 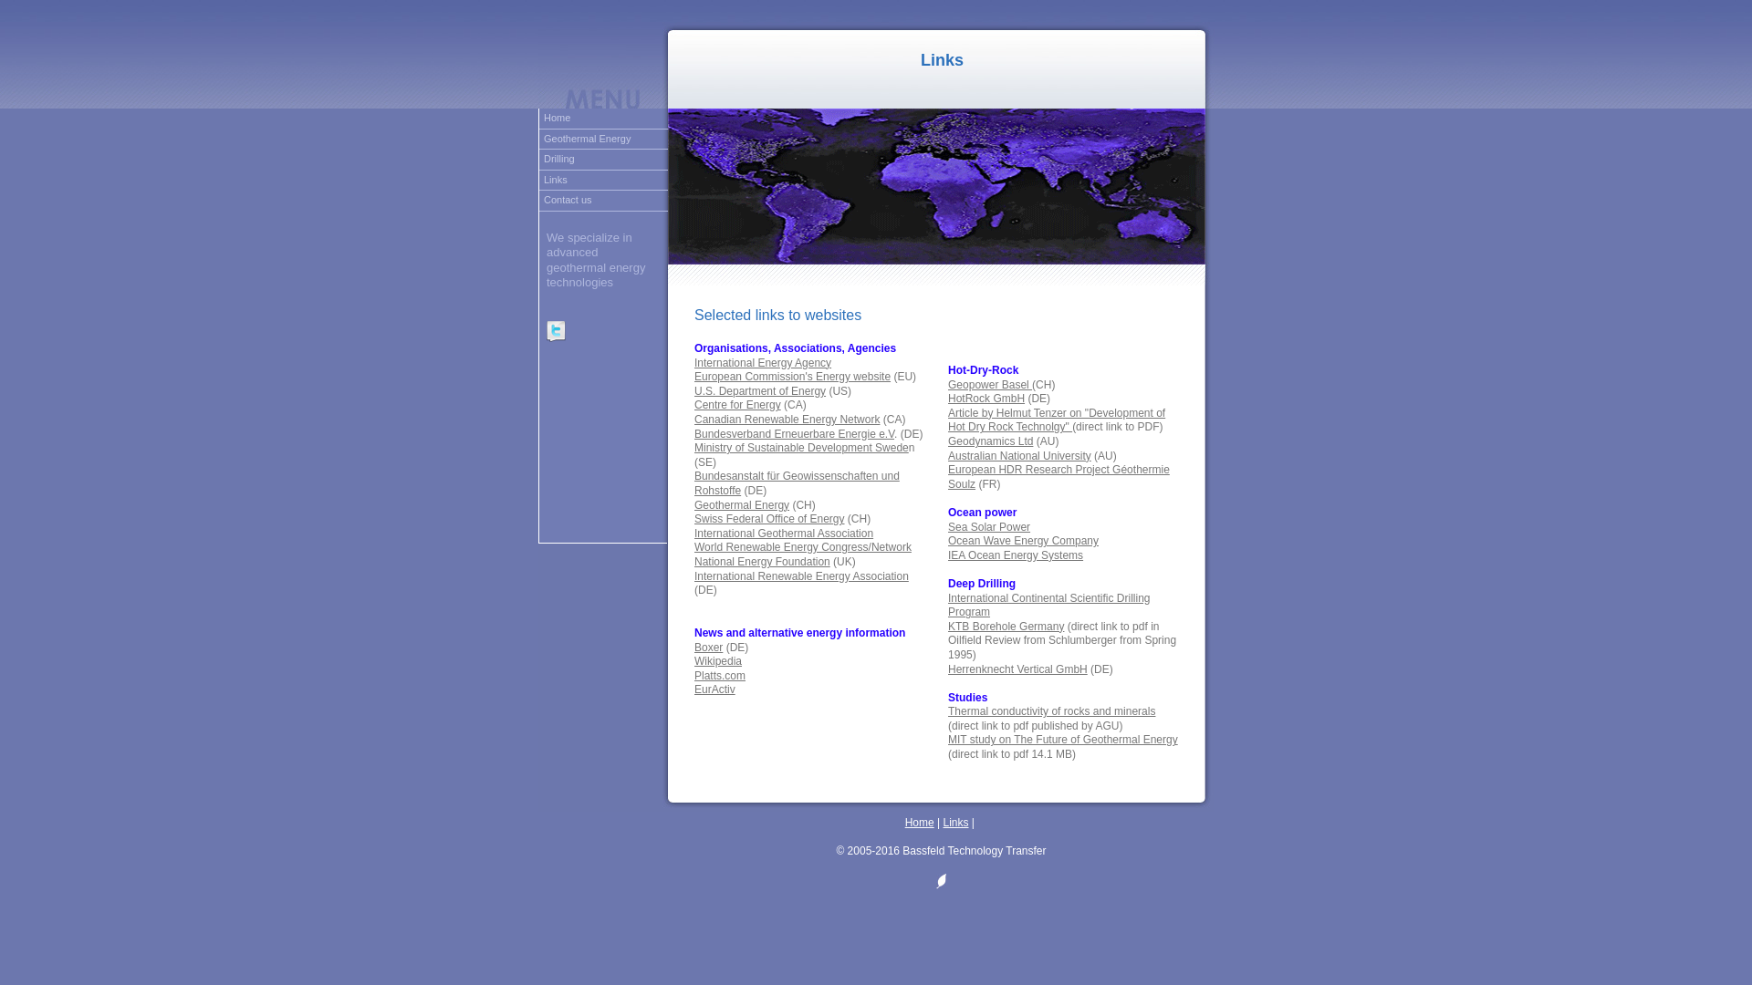 I want to click on 'Herrenknecht Vertical GmbH', so click(x=1017, y=669).